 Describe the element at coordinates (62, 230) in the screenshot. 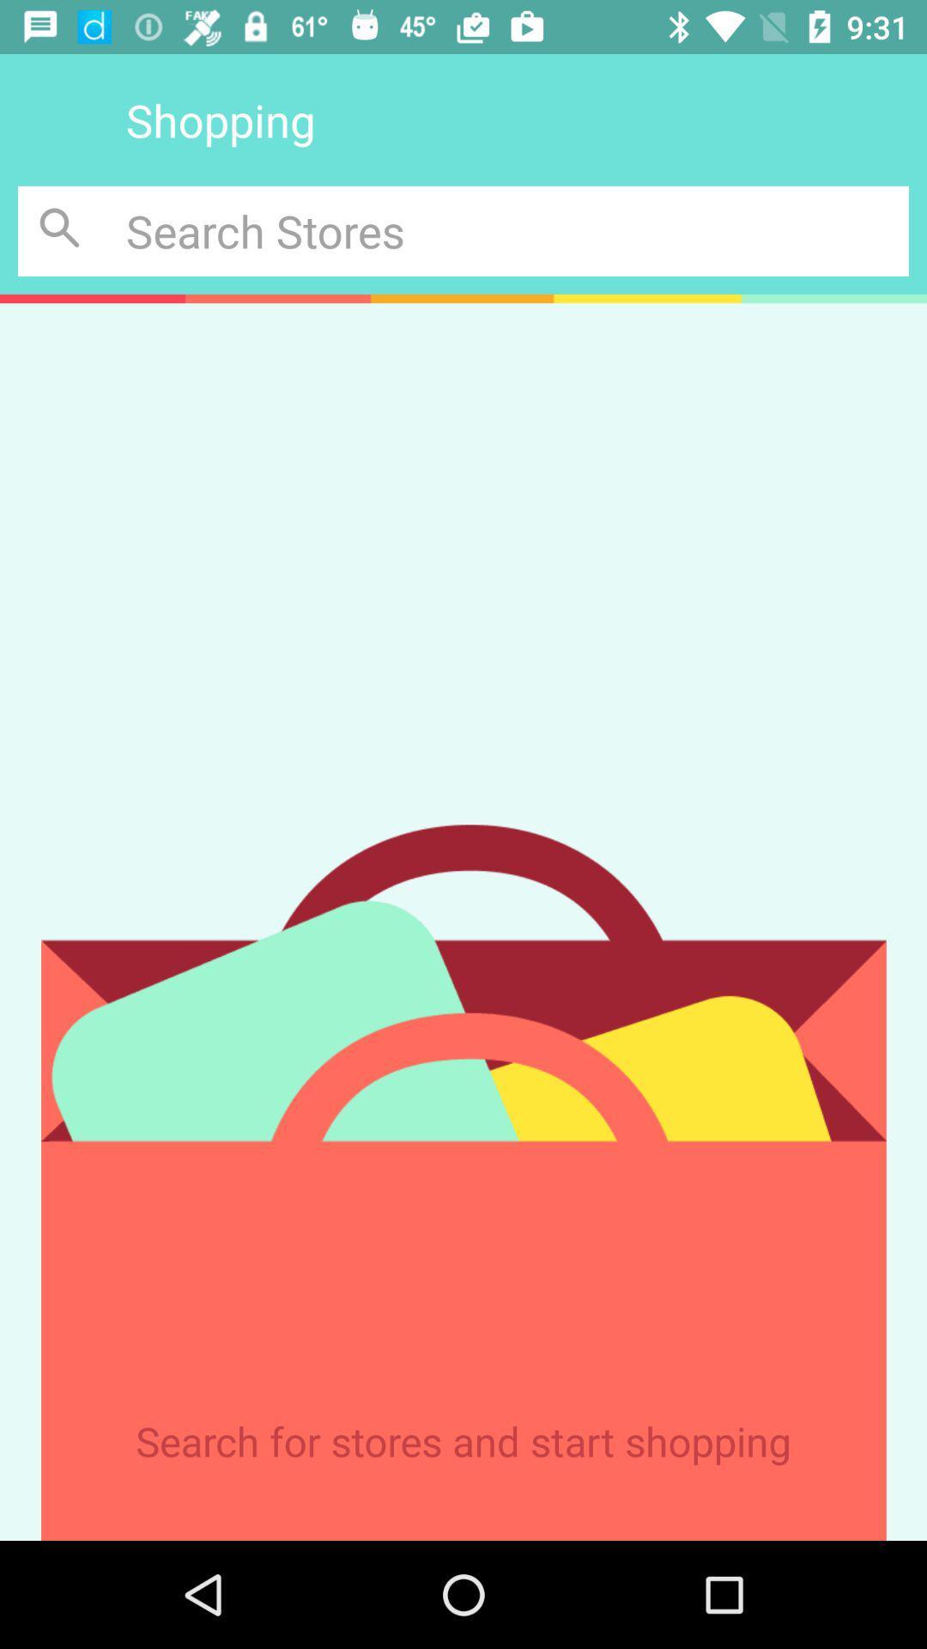

I see `the search icon` at that location.